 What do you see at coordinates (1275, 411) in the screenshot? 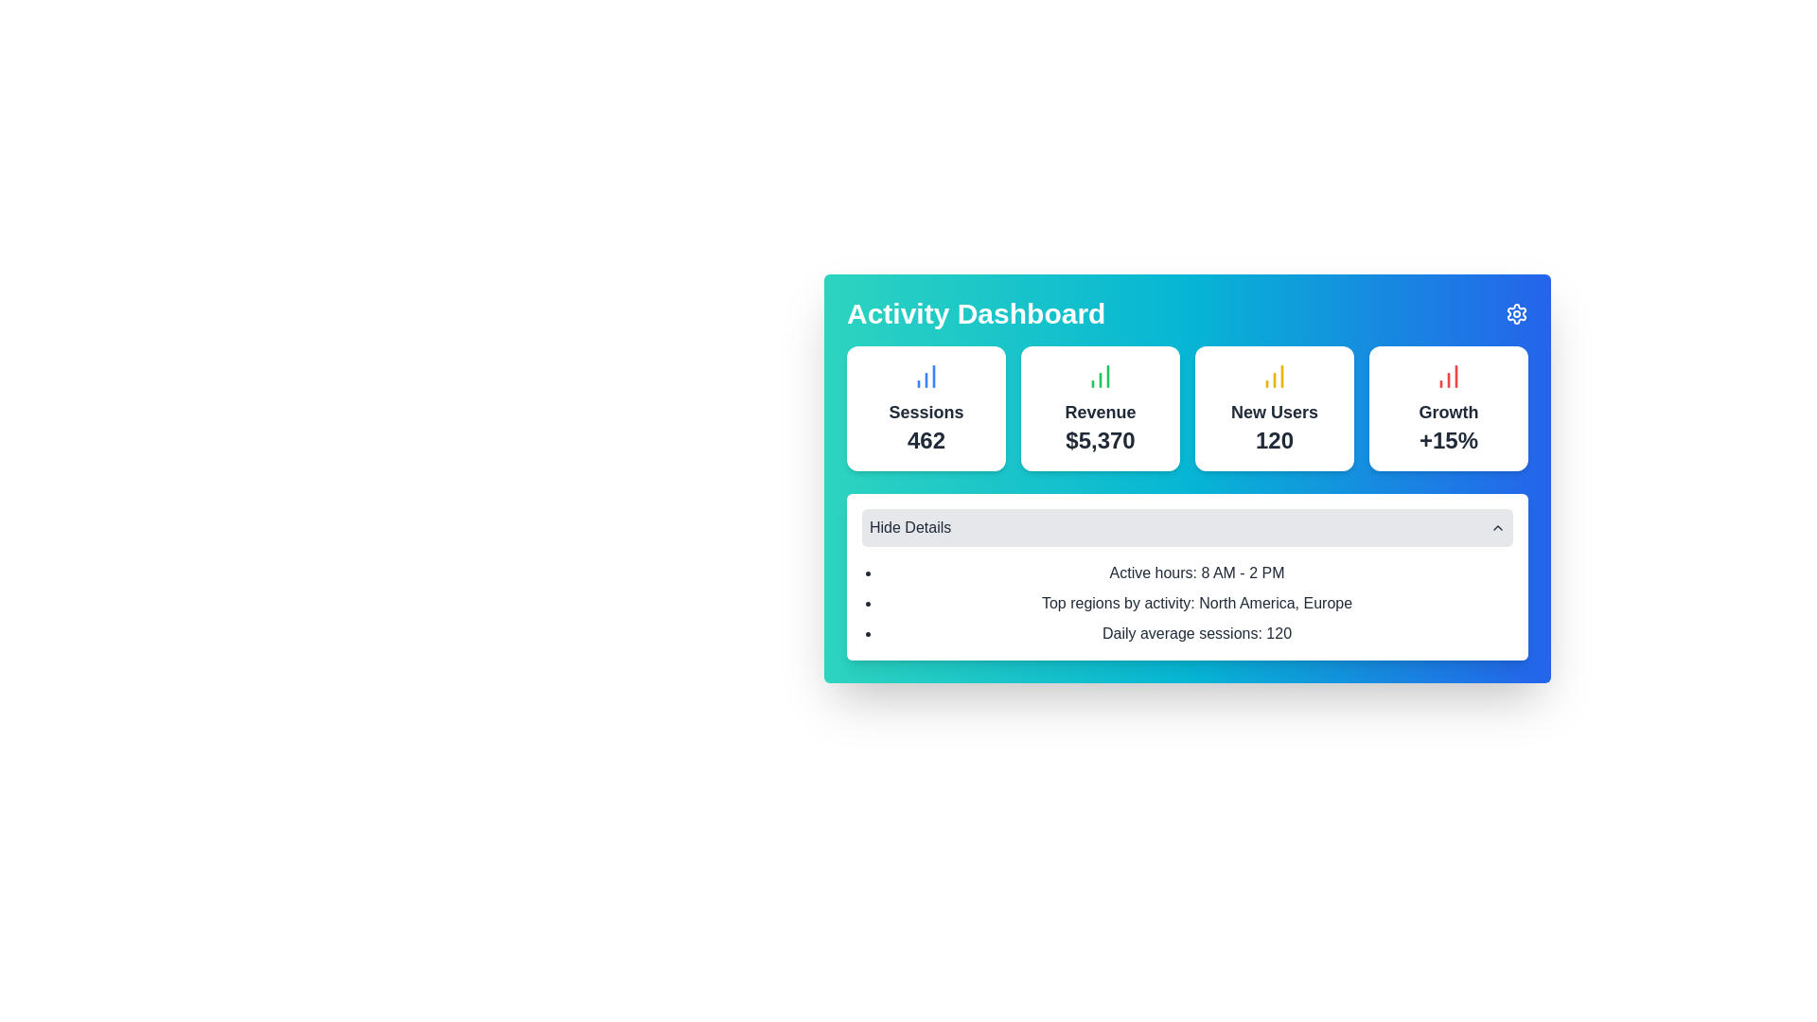
I see `the 'New Users' text label, which indicates the metric displayed below it and is located in the third panel between 'Revenue' and 'Growth'` at bounding box center [1275, 411].